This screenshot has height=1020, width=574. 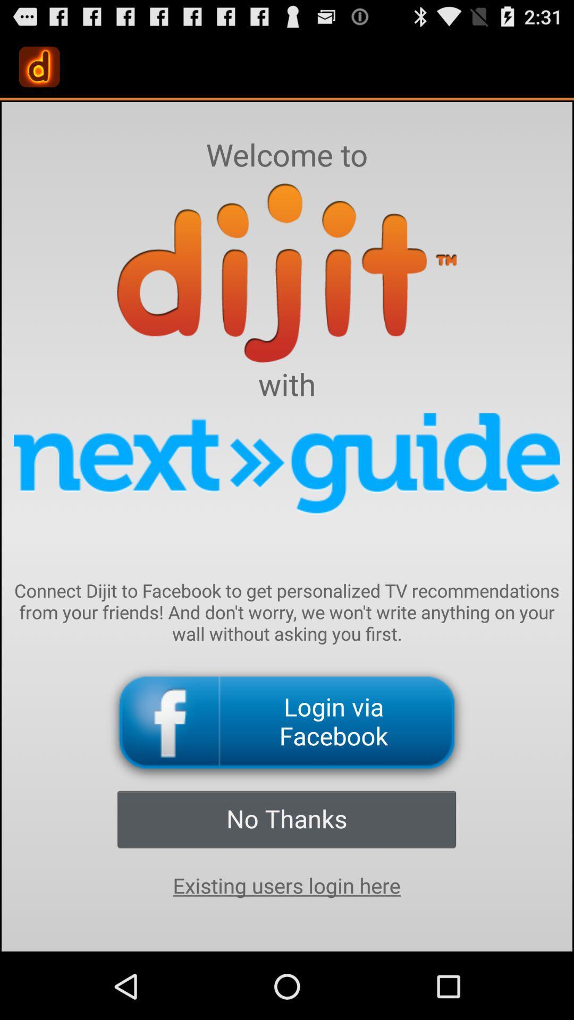 What do you see at coordinates (286, 818) in the screenshot?
I see `icon below login via facebook icon` at bounding box center [286, 818].